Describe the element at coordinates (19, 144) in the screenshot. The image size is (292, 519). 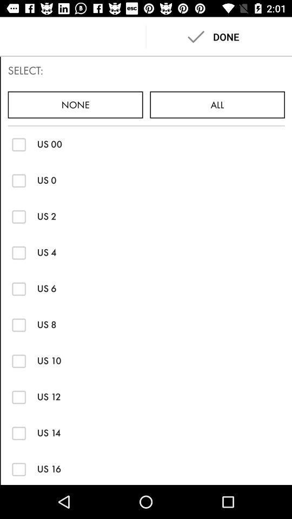
I see `check option box` at that location.